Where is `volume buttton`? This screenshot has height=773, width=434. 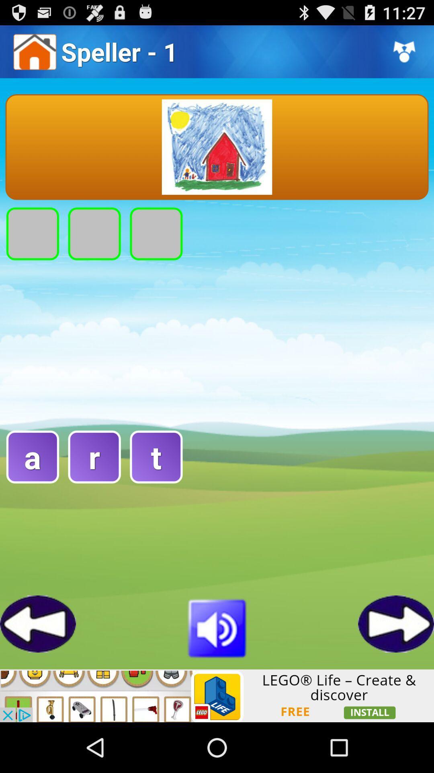
volume buttton is located at coordinates (217, 627).